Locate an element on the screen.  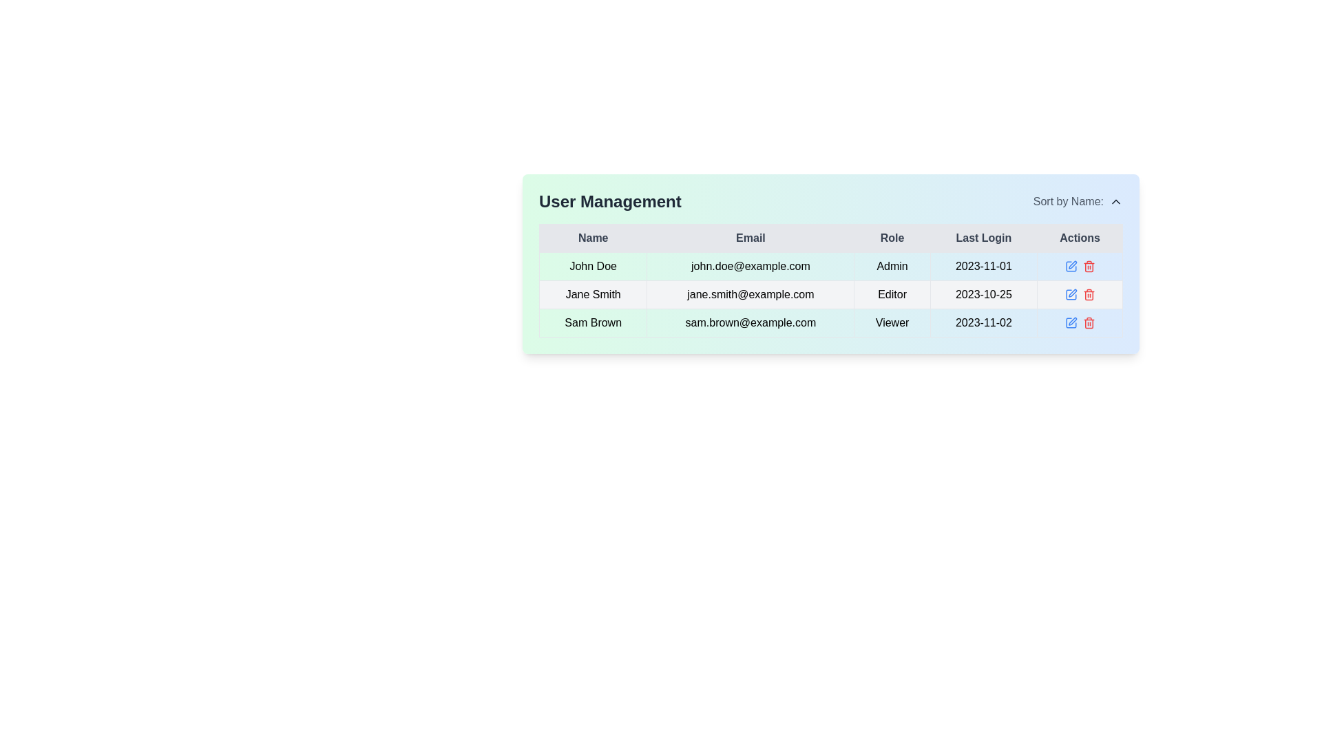
the Table Header Cell labeled 'Role' in the user management interface, which is styled with gray text and located in the third position of the header row is located at coordinates (892, 238).